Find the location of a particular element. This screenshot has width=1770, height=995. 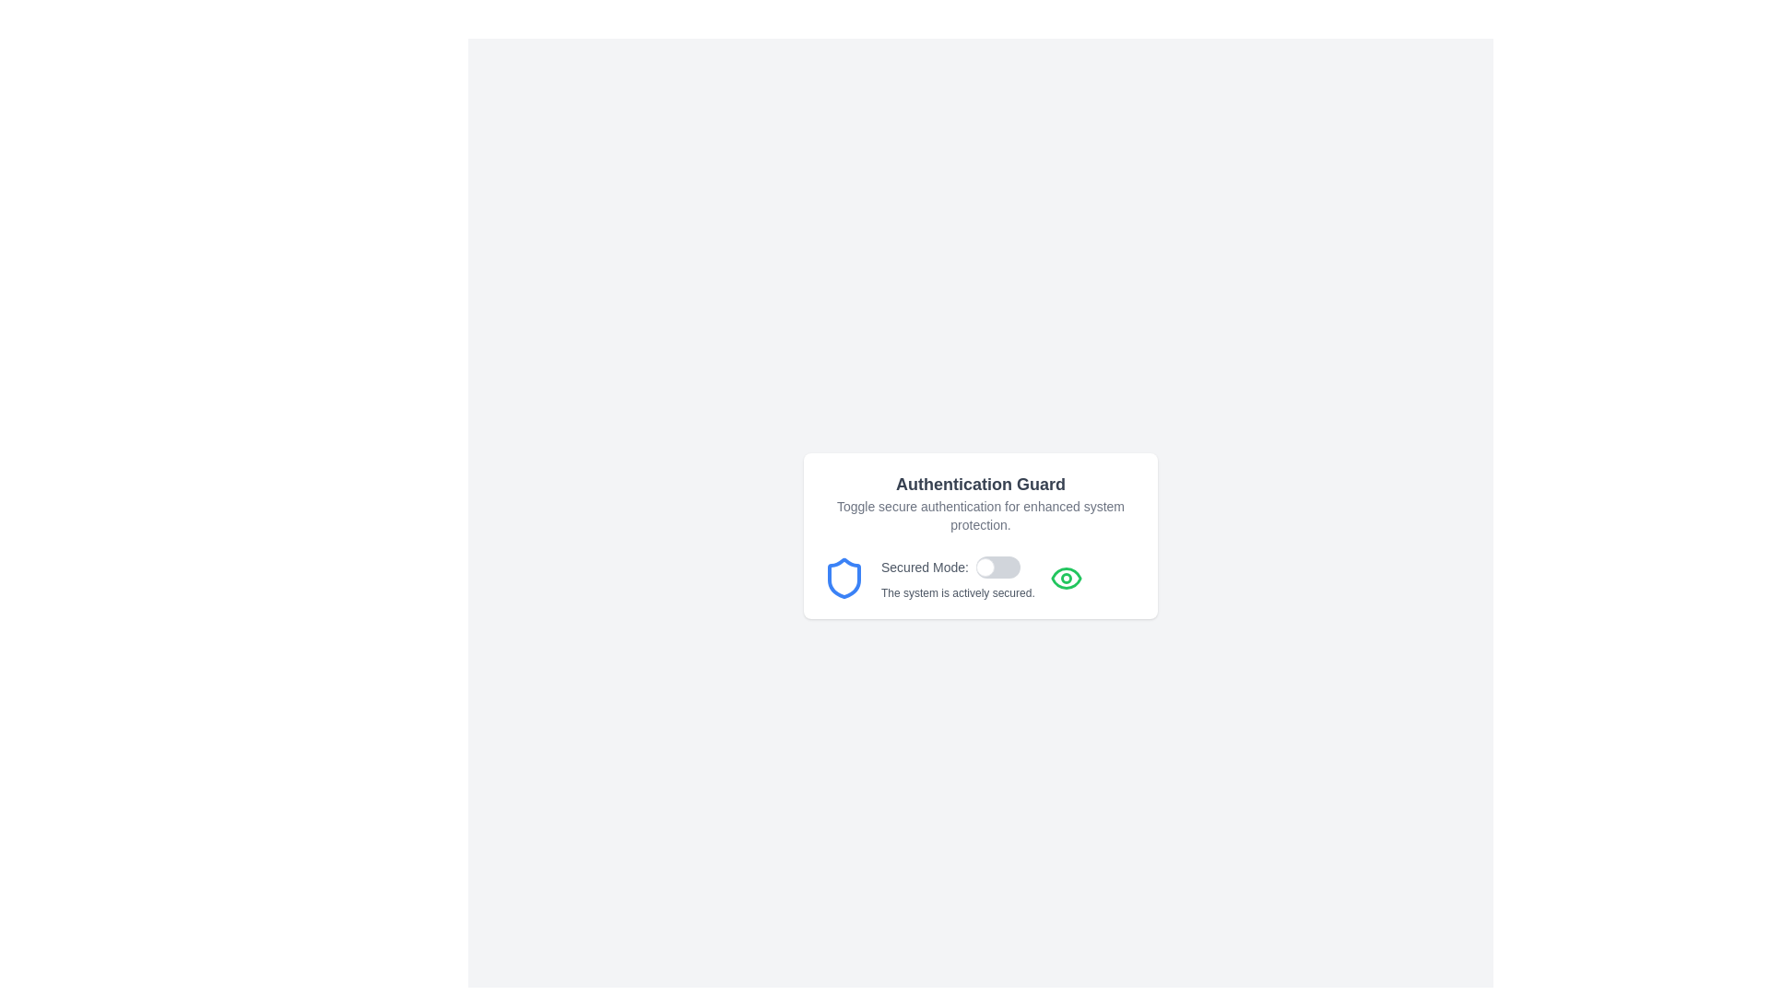

the static text label that describes the functionality of the toggle switch for 'Secured Mode' in the 'Authentication Guard' panel is located at coordinates (958, 567).